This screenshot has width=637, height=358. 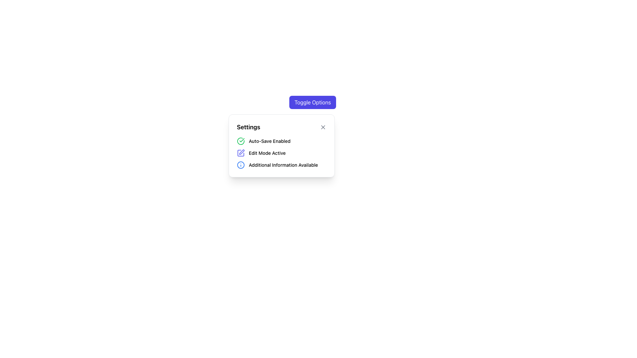 I want to click on the text label indicating that the edit mode is active, located in the middle section of the settings card, immediately to the right of the blue pen icon, so click(x=267, y=153).